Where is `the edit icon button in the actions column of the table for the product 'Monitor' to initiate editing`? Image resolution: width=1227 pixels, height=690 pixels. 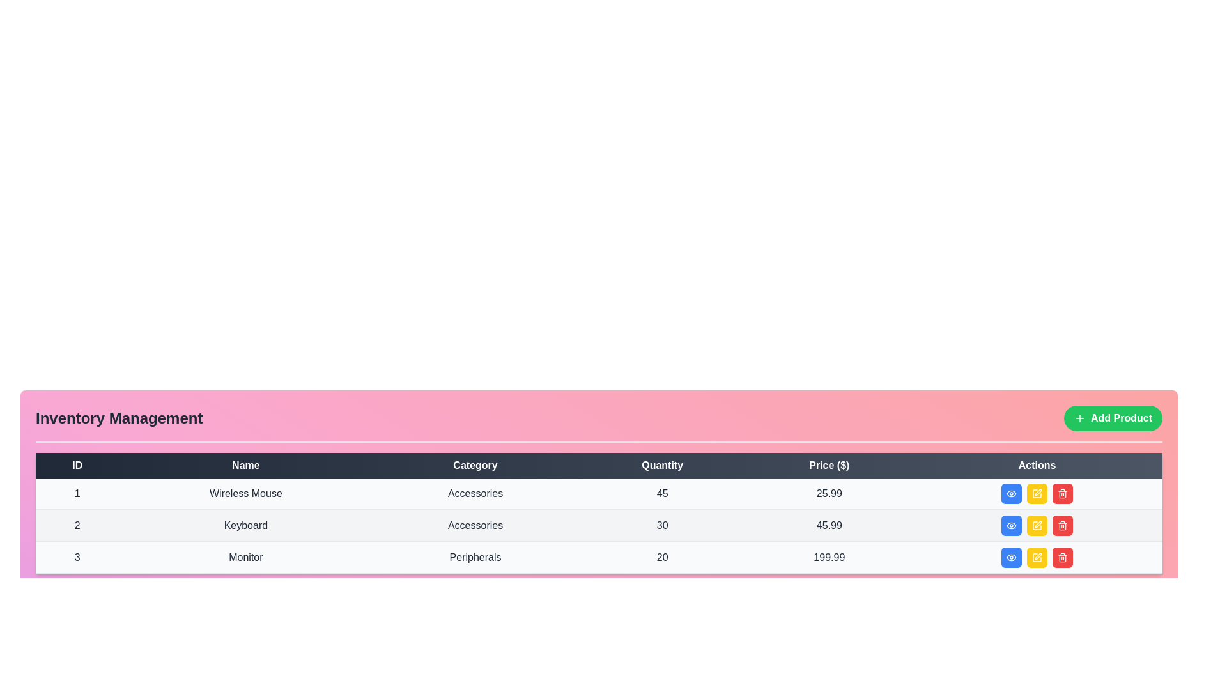 the edit icon button in the actions column of the table for the product 'Monitor' to initiate editing is located at coordinates (1037, 556).